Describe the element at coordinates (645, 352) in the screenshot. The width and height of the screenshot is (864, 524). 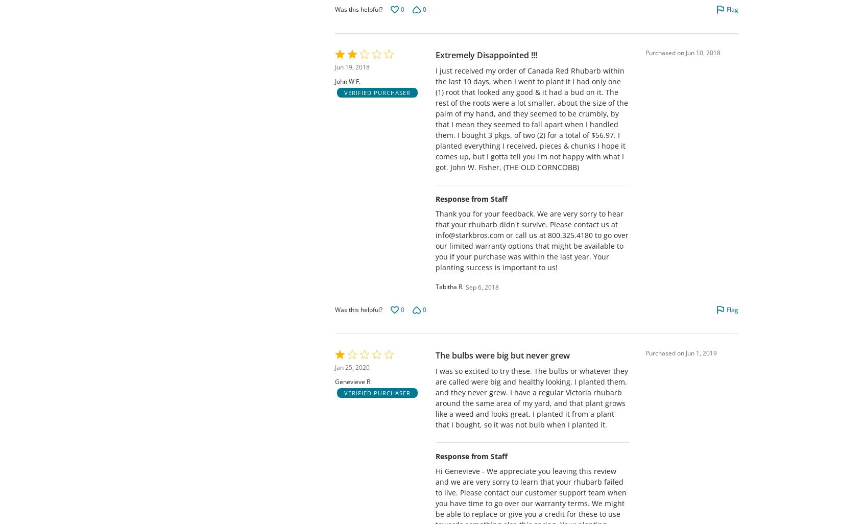
I see `'Purchased on Jun 1, 2019'` at that location.